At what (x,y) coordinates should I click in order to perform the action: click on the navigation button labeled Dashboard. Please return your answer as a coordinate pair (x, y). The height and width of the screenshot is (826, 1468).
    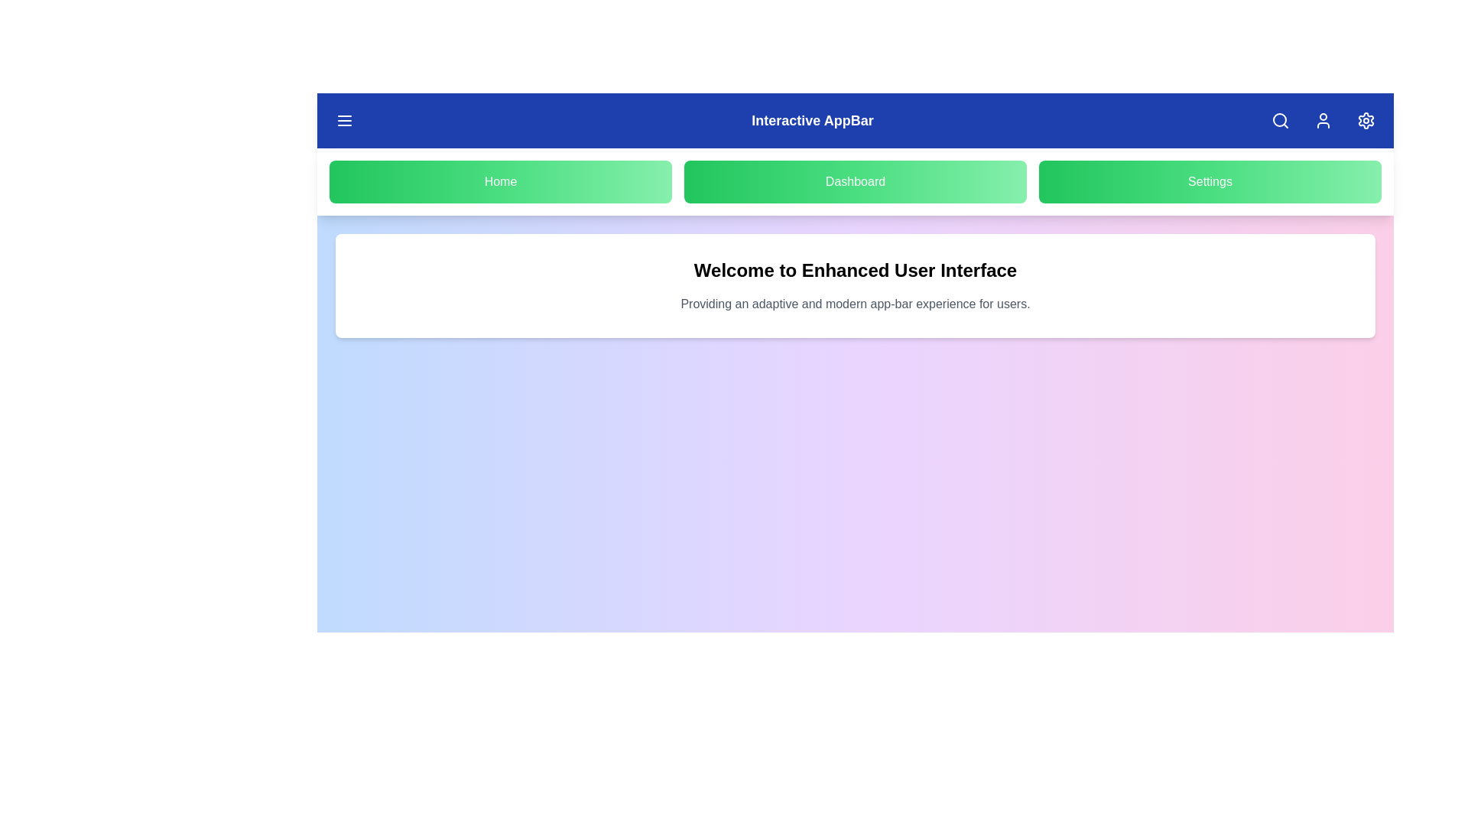
    Looking at the image, I should click on (854, 181).